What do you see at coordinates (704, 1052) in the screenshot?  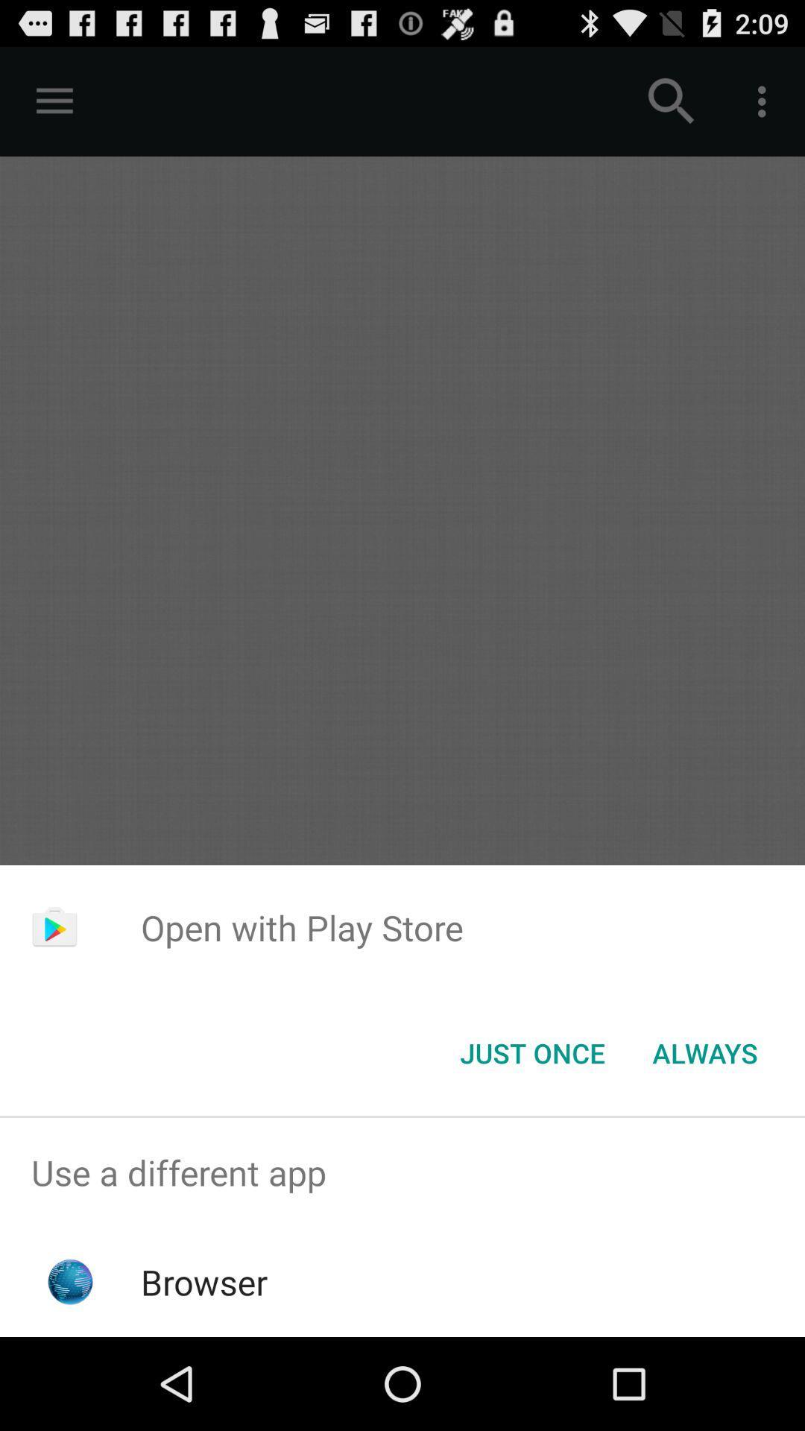 I see `the always at the bottom right corner` at bounding box center [704, 1052].